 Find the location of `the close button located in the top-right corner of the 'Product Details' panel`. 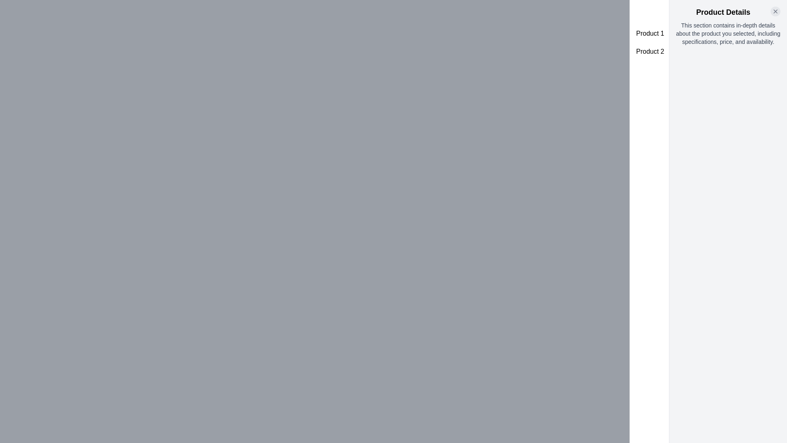

the close button located in the top-right corner of the 'Product Details' panel is located at coordinates (775, 11).